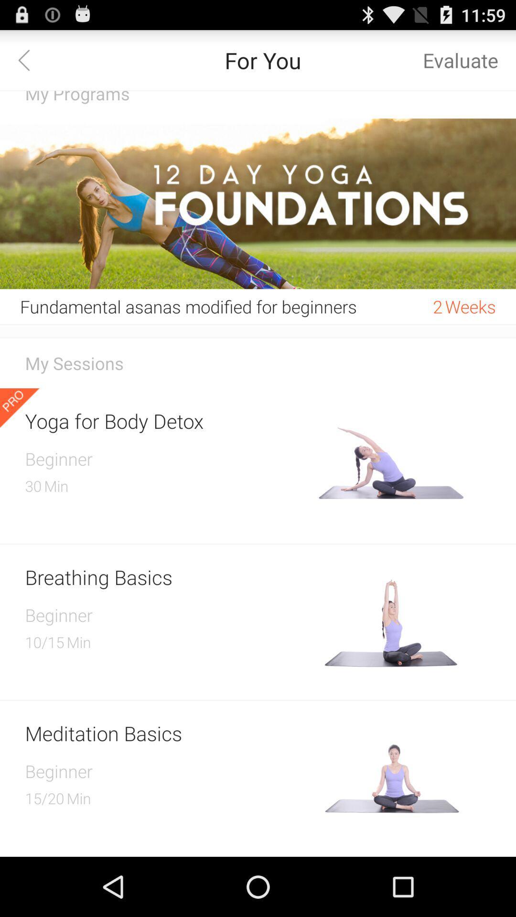 The height and width of the screenshot is (917, 516). What do you see at coordinates (258, 203) in the screenshot?
I see `the icon above fundamental asanas modified` at bounding box center [258, 203].